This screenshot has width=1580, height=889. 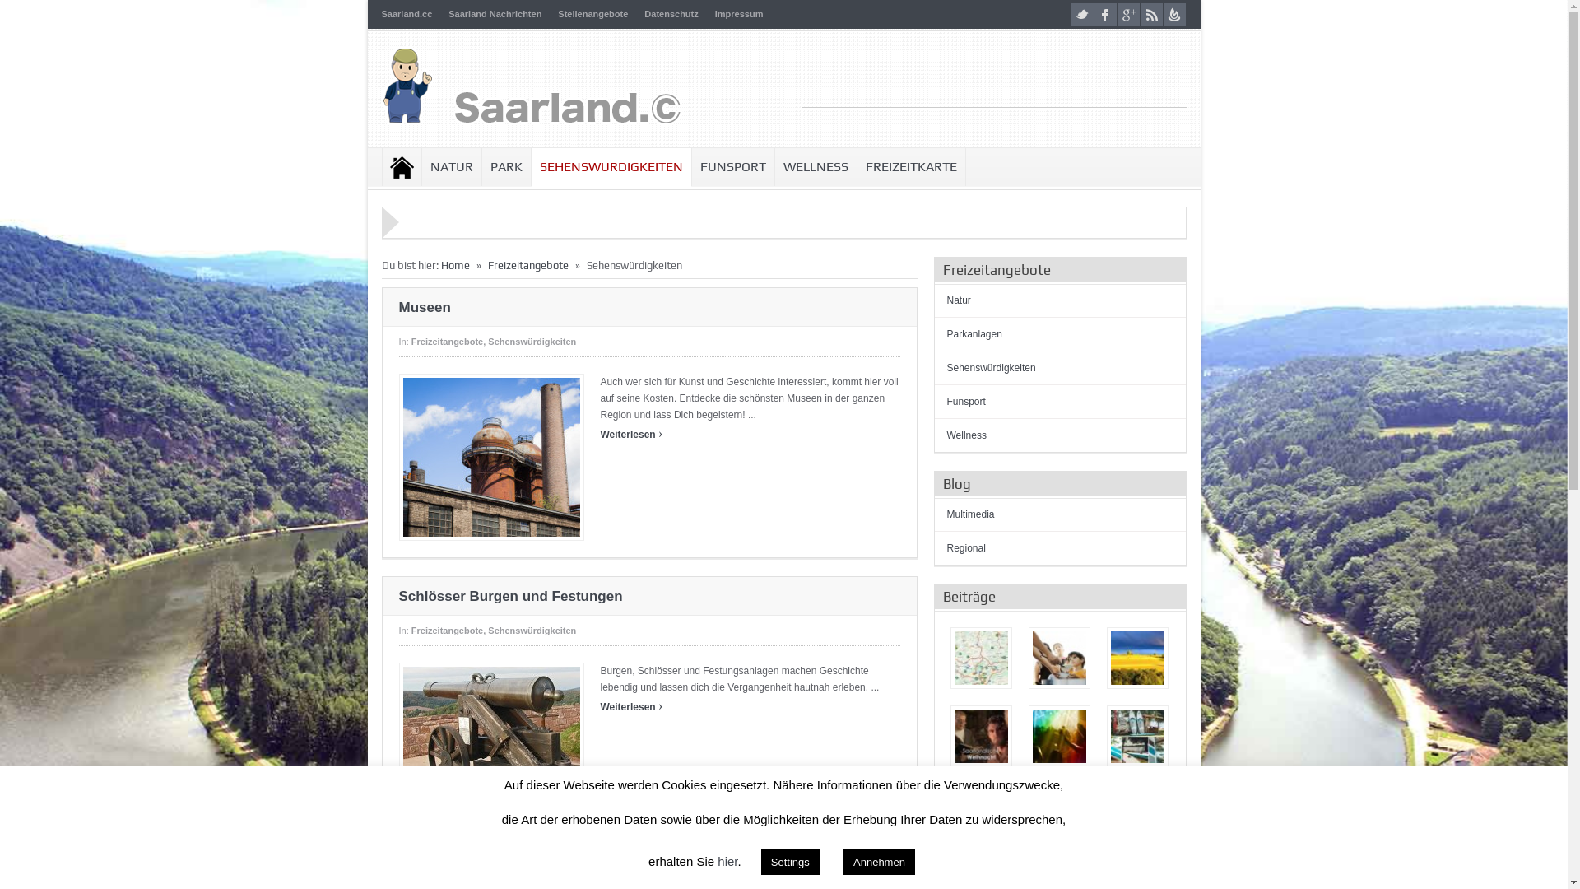 I want to click on 'twitter', so click(x=1082, y=14).